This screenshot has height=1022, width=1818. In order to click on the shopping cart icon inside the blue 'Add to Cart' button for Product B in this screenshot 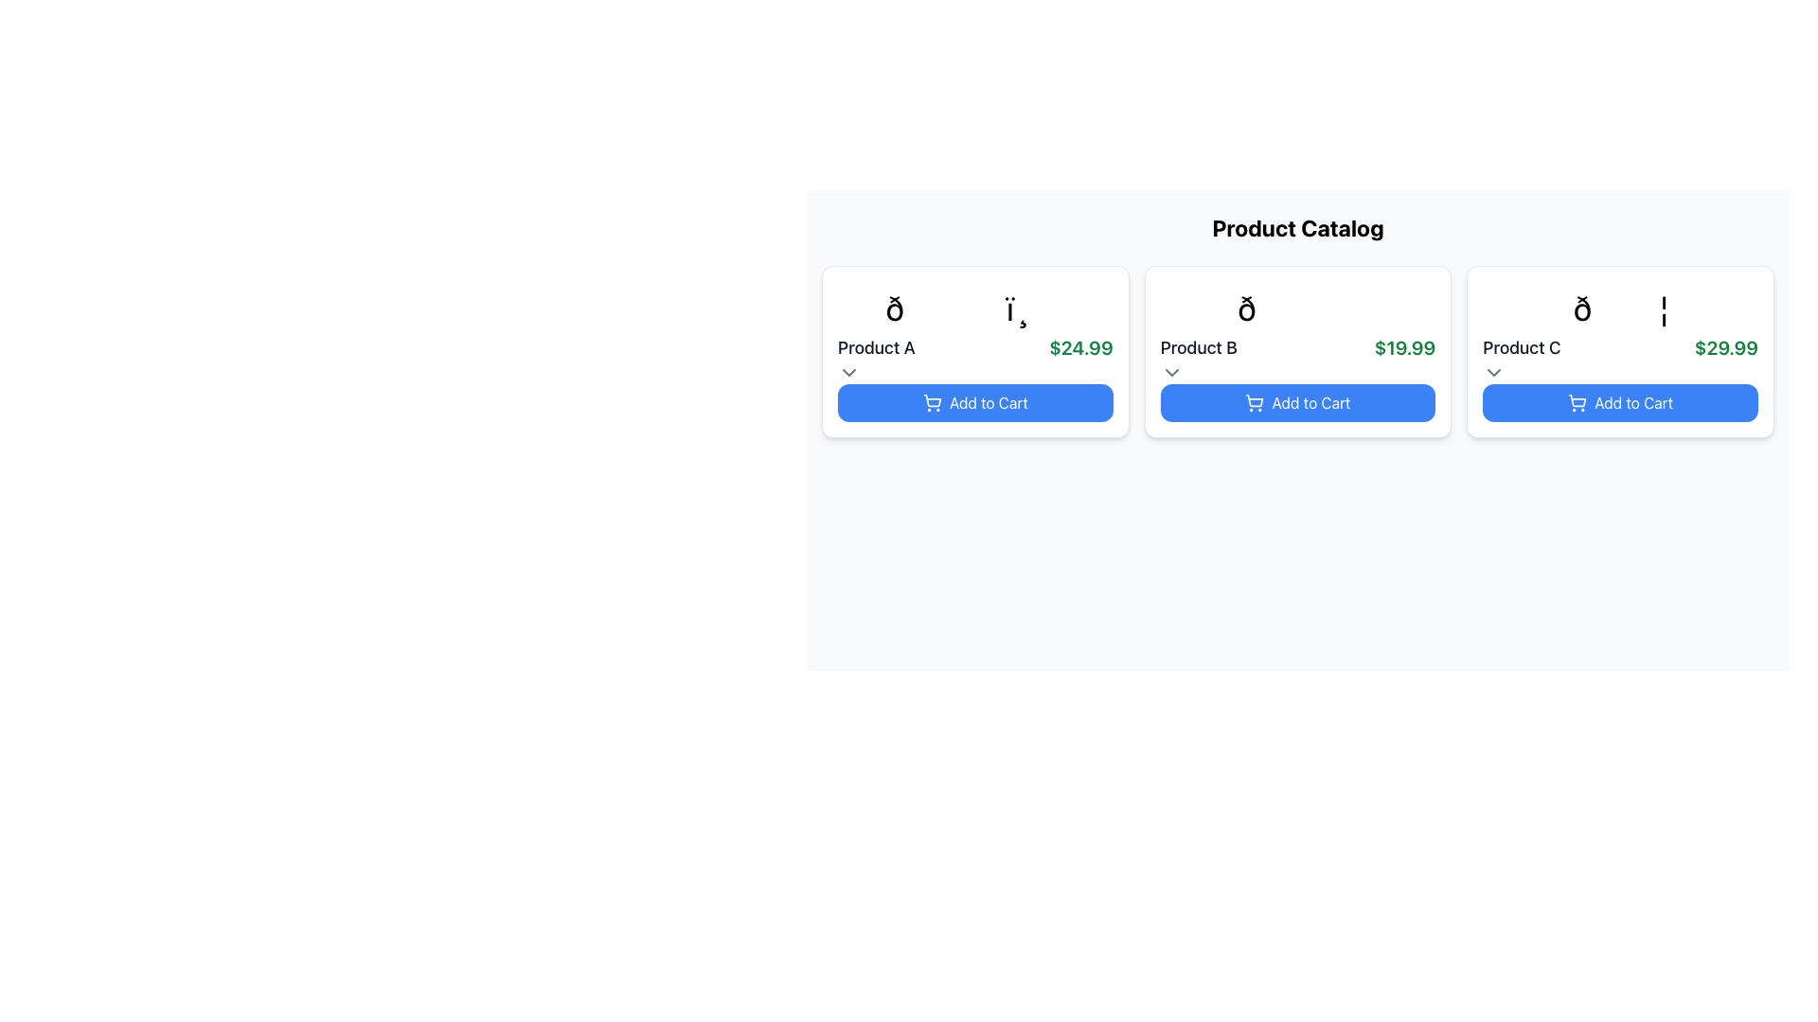, I will do `click(1255, 401)`.